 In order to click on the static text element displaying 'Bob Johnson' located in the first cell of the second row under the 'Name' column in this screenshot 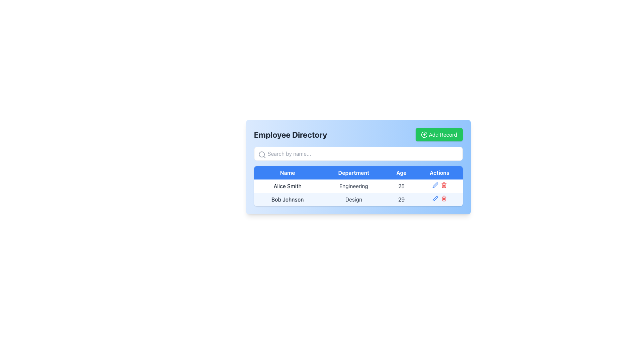, I will do `click(287, 199)`.